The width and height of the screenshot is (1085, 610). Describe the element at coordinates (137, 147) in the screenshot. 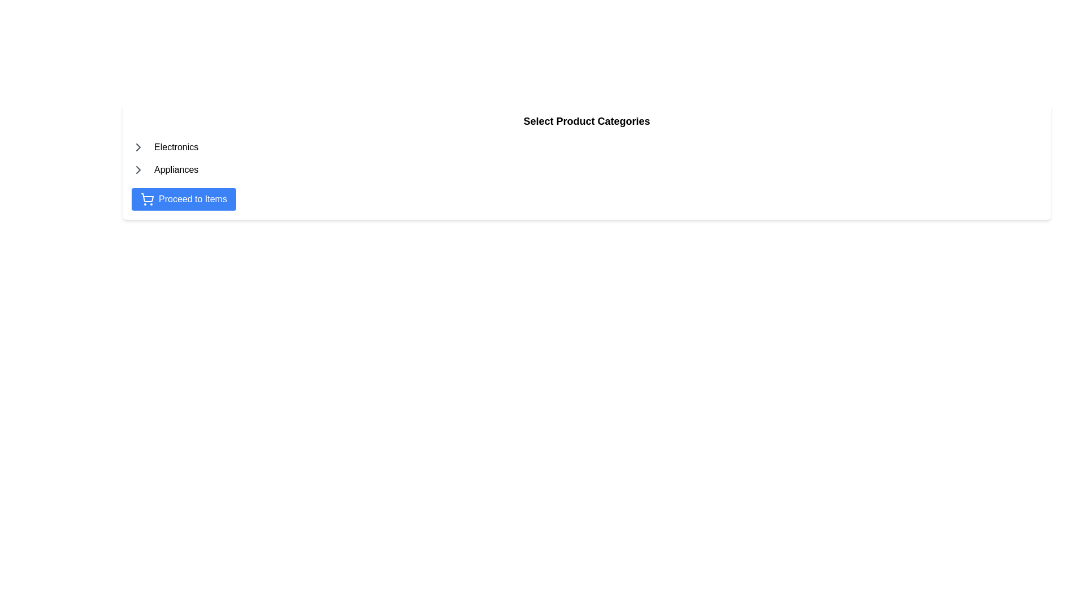

I see `the expandability icon of the 'Electronics' category, which is located to the left of the 'Electronics' text label` at that location.